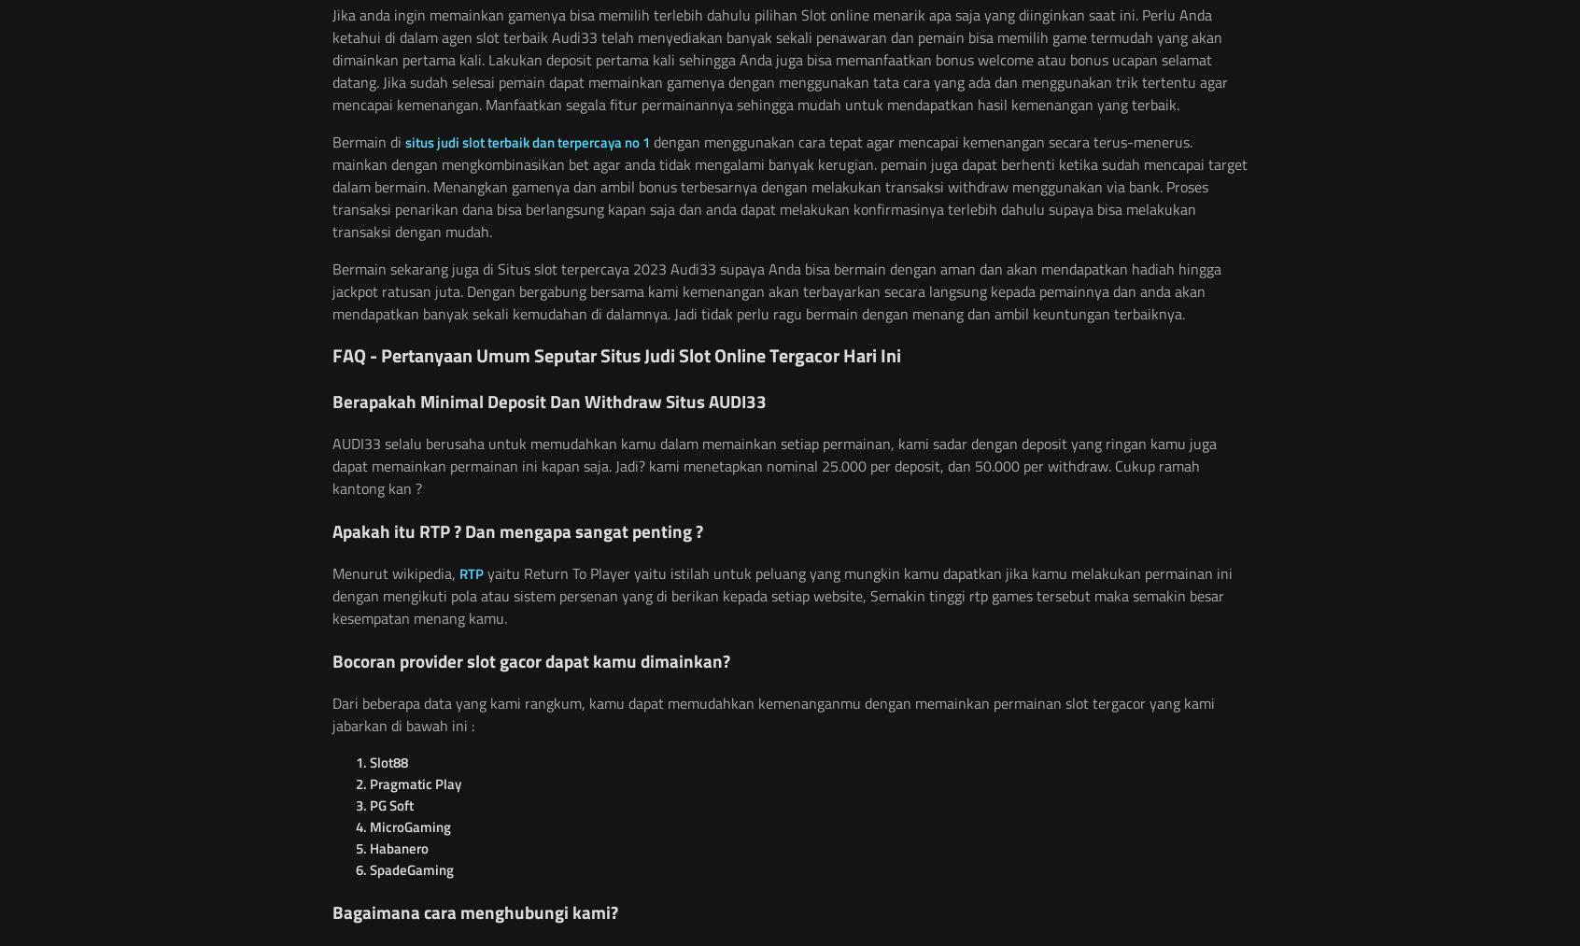 Image resolution: width=1580 pixels, height=946 pixels. Describe the element at coordinates (395, 572) in the screenshot. I see `'Menurut wikipedia,'` at that location.